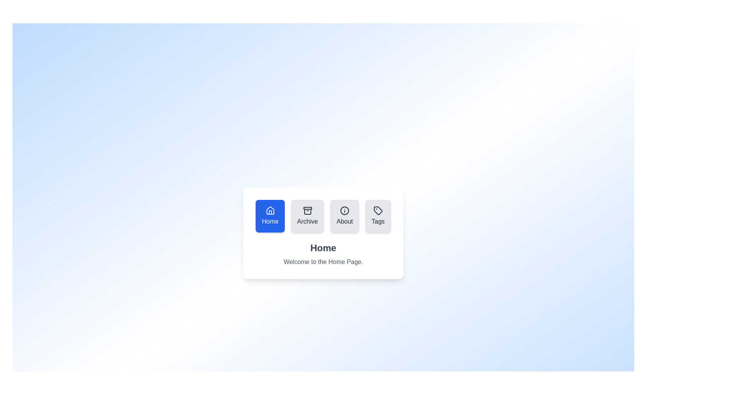  I want to click on the Home tab by clicking on its button, so click(270, 216).